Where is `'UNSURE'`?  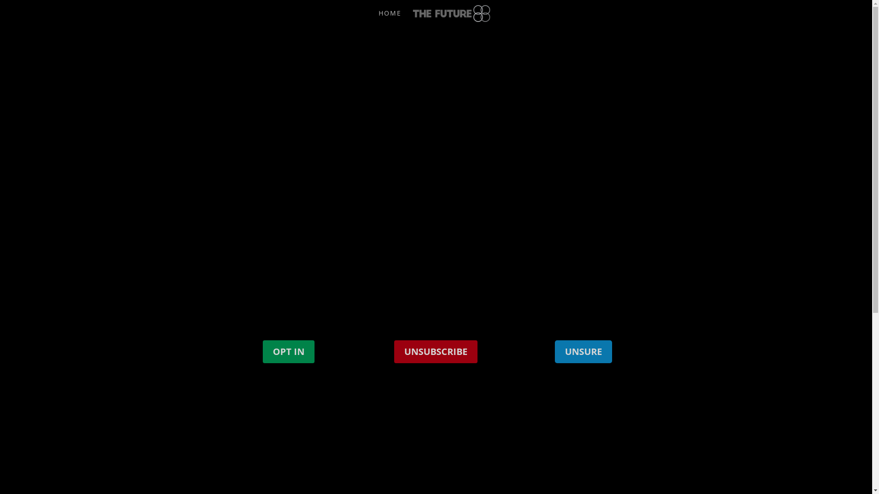
'UNSURE' is located at coordinates (583, 351).